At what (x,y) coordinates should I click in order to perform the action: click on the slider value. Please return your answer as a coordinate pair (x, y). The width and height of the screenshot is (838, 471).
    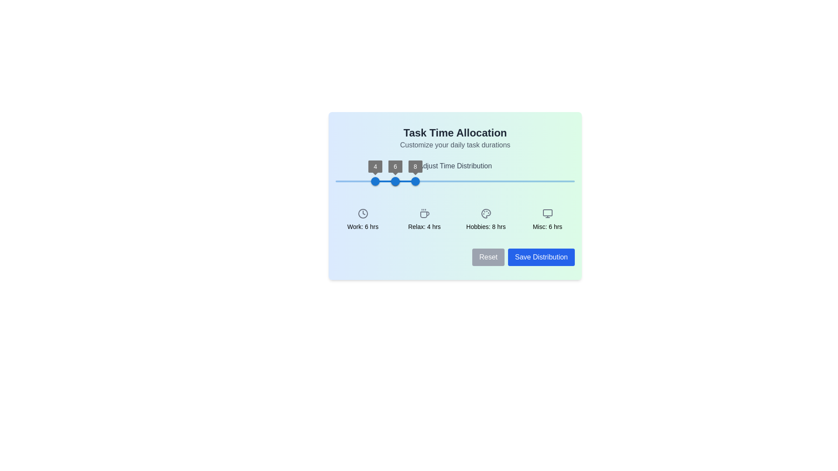
    Looking at the image, I should click on (395, 181).